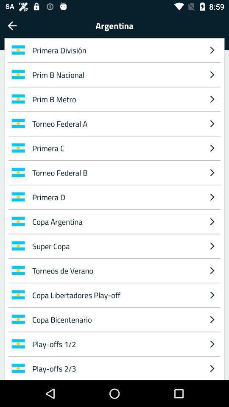  Describe the element at coordinates (212, 172) in the screenshot. I see `the icon next to primera c item` at that location.